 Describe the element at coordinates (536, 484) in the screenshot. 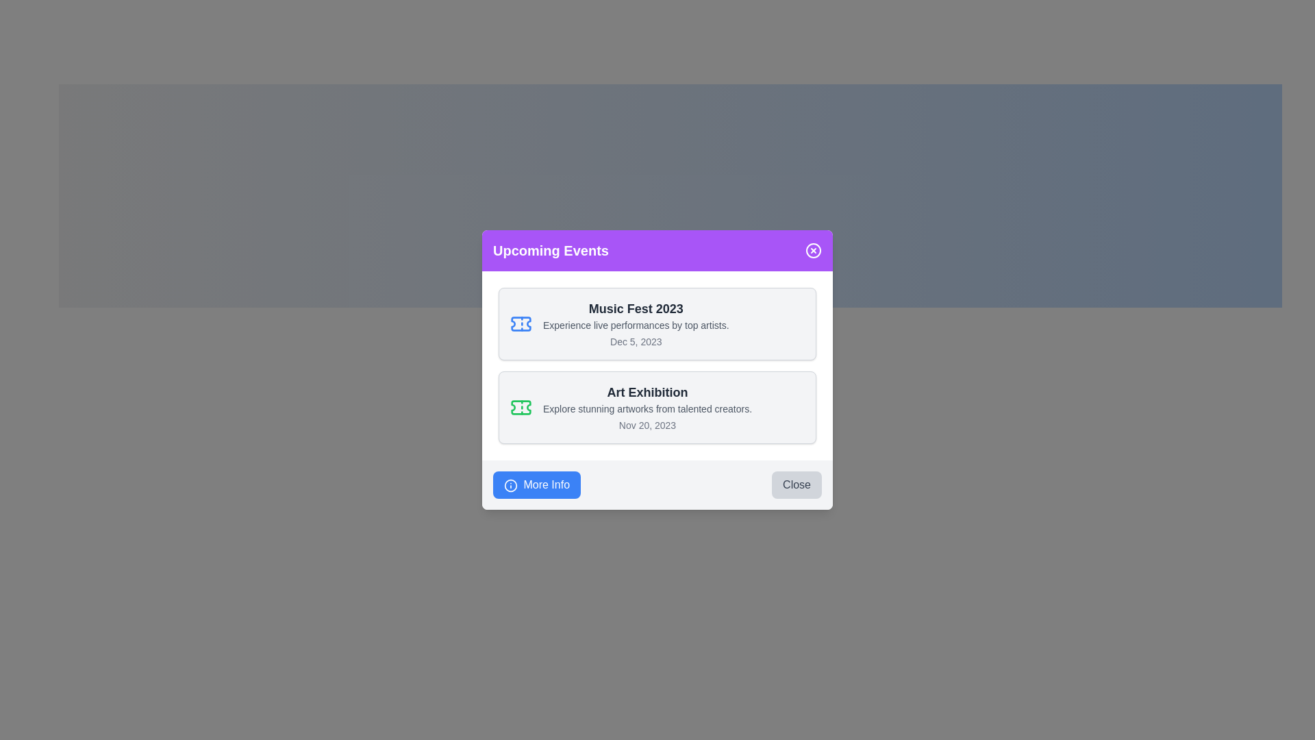

I see `the button on the left side at the bottom of the 'Upcoming Events' modal panel` at that location.